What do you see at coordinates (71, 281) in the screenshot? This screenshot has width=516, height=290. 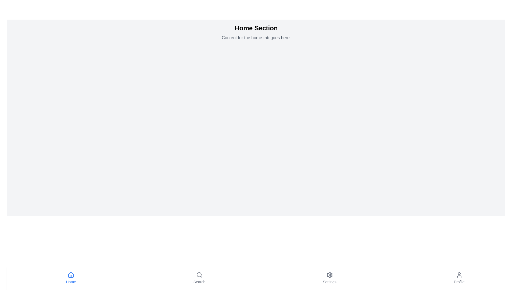 I see `the 'Home' text label located in the bottom navigation bar, which indicates its purpose for navigation to the home section of the application` at bounding box center [71, 281].